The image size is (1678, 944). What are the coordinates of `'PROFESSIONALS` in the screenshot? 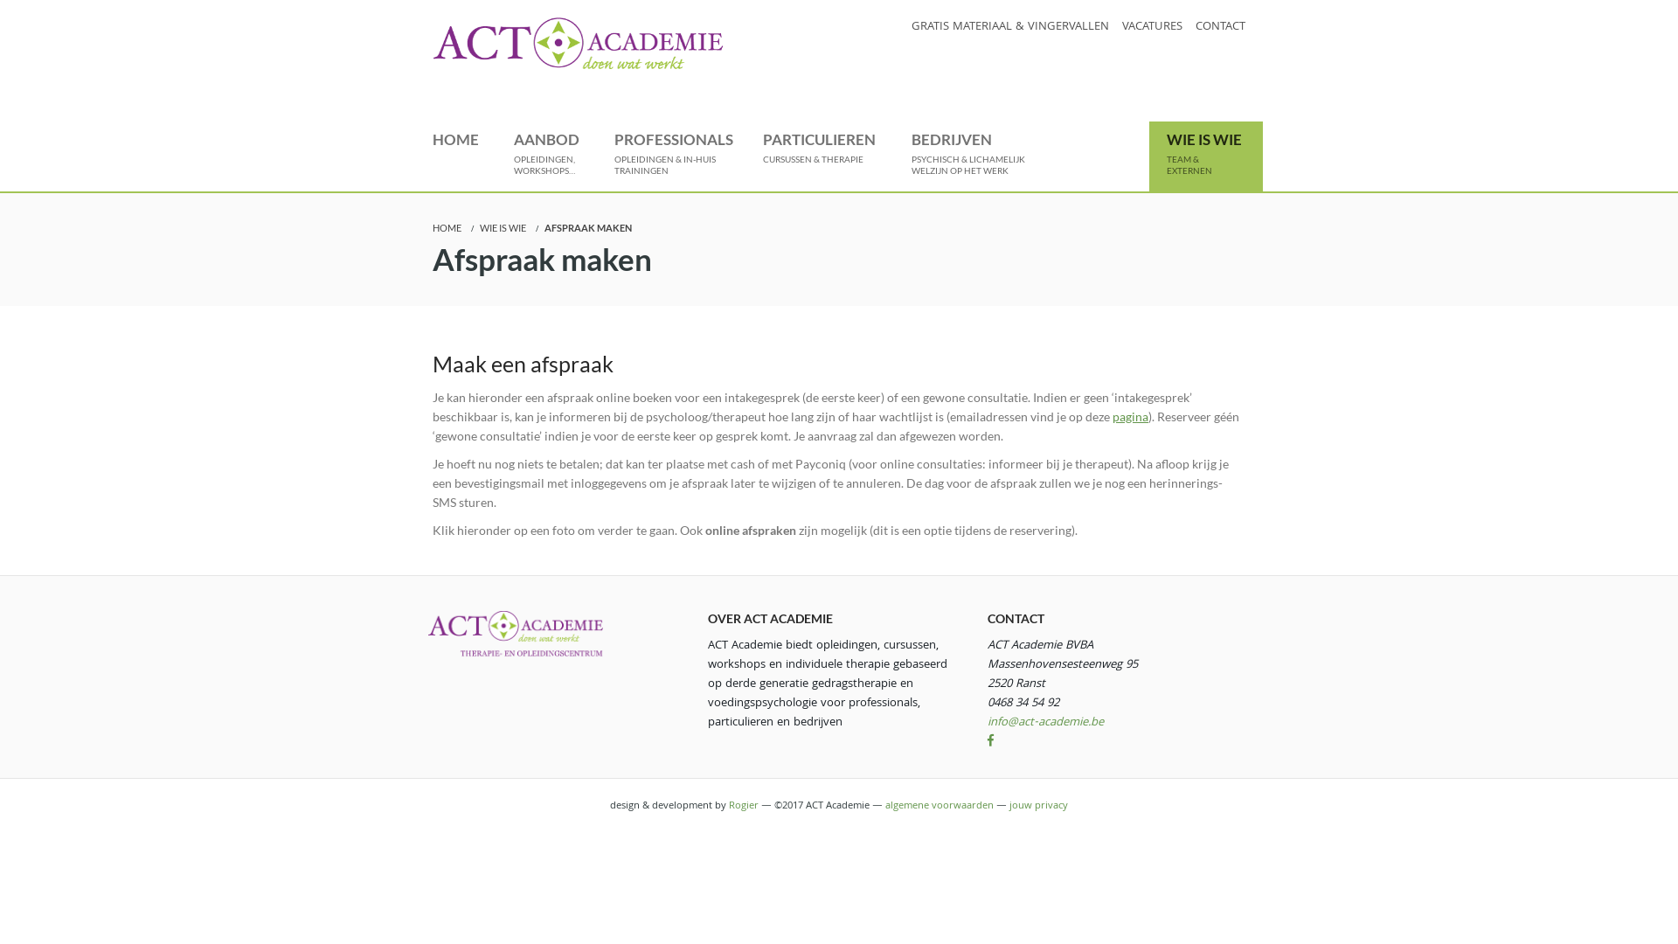 It's located at (670, 155).